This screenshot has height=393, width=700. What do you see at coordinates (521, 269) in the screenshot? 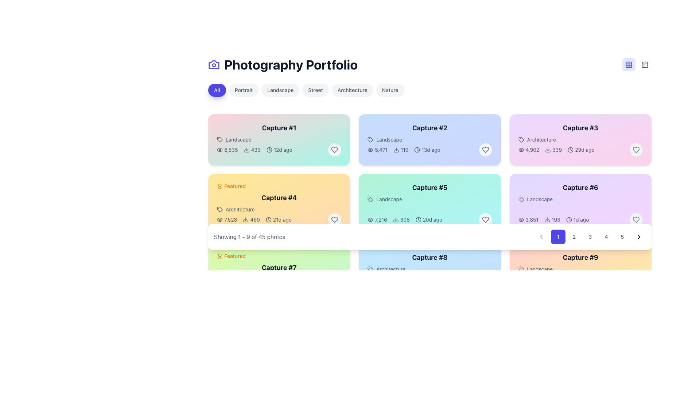
I see `the icon representing the 'Landscape' category, which is positioned to the left of the text 'Landscape' in the upper section of the interface` at bounding box center [521, 269].